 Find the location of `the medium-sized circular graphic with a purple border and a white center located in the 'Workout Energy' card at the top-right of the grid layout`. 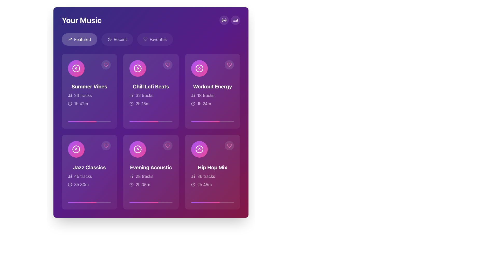

the medium-sized circular graphic with a purple border and a white center located in the 'Workout Energy' card at the top-right of the grid layout is located at coordinates (199, 68).